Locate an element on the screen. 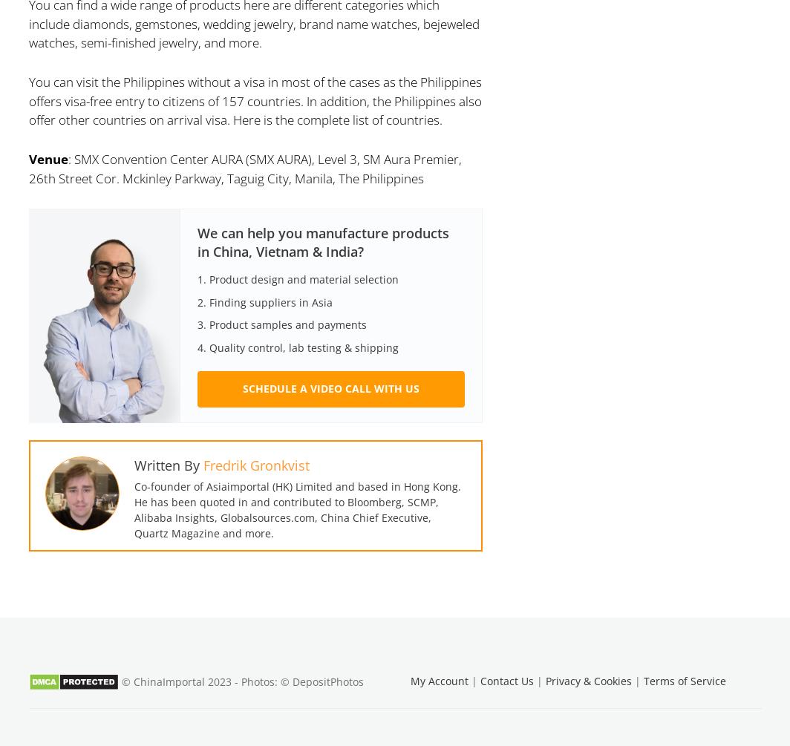 Image resolution: width=790 pixels, height=746 pixels. 'Contact Us' is located at coordinates (480, 680).